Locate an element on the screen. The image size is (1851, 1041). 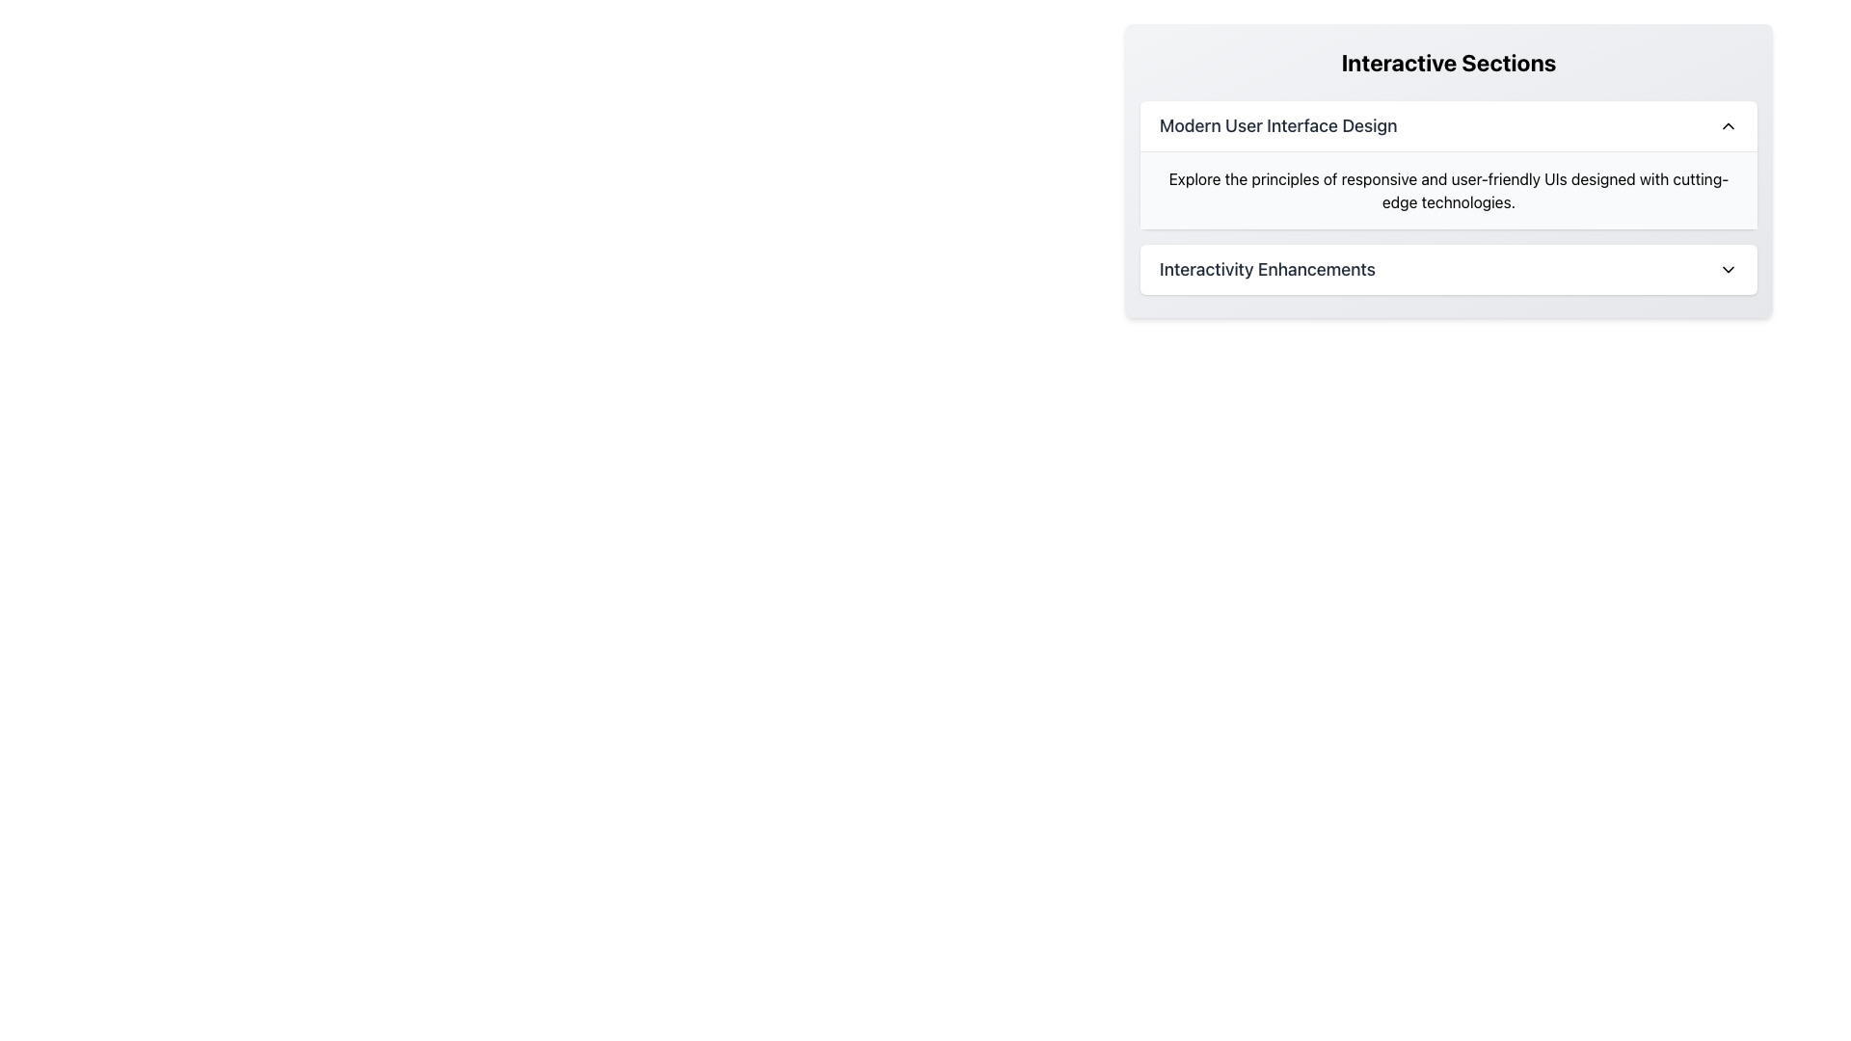
the section titled 'Interactive Sections' which contains interactive items for further interaction details is located at coordinates (1448, 170).